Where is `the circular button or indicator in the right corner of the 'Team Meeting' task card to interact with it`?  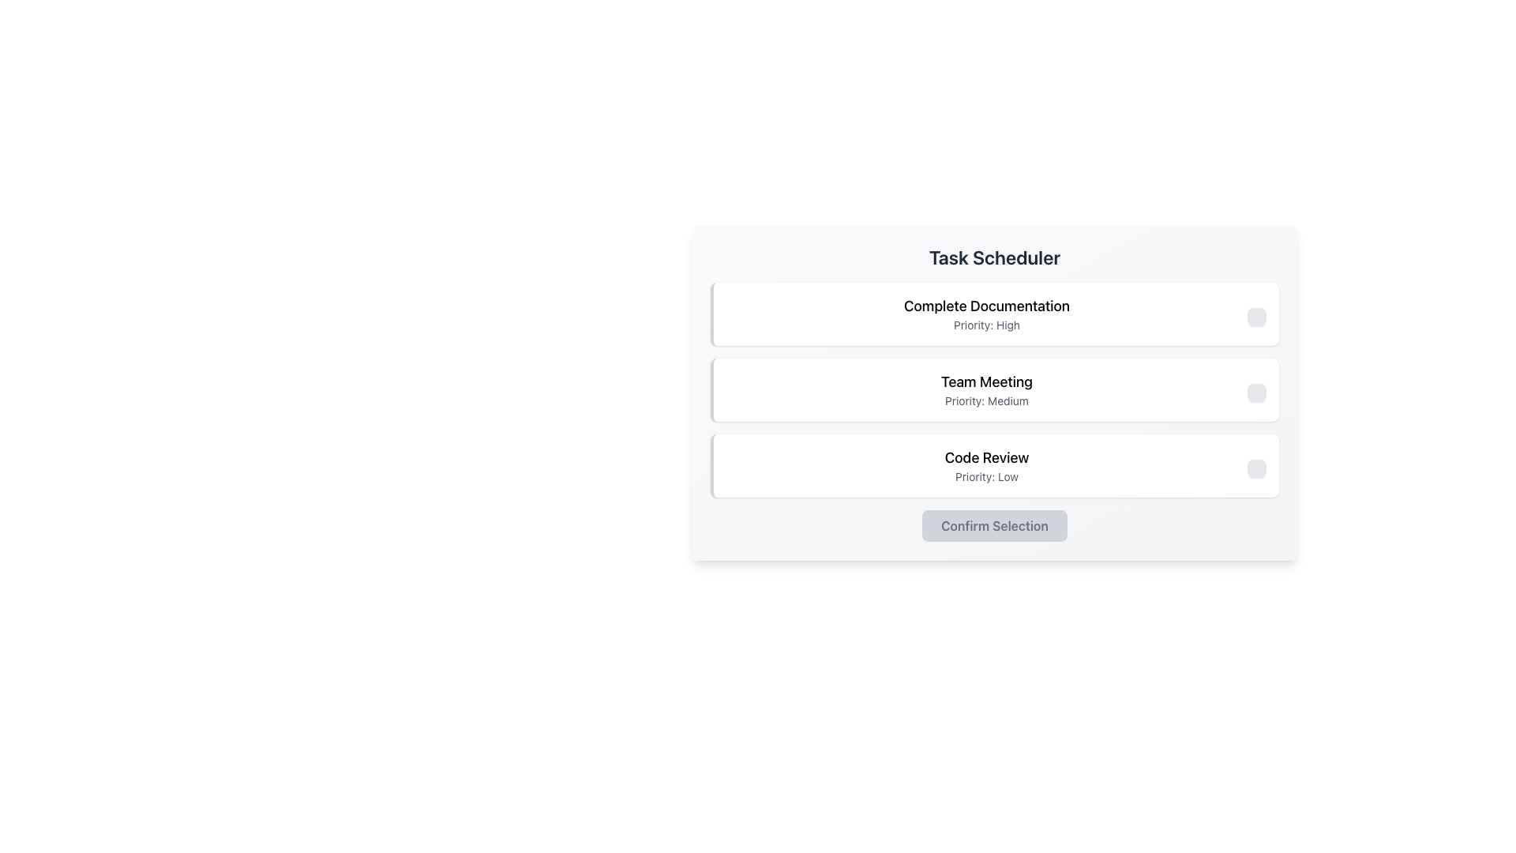 the circular button or indicator in the right corner of the 'Team Meeting' task card to interact with it is located at coordinates (1256, 392).